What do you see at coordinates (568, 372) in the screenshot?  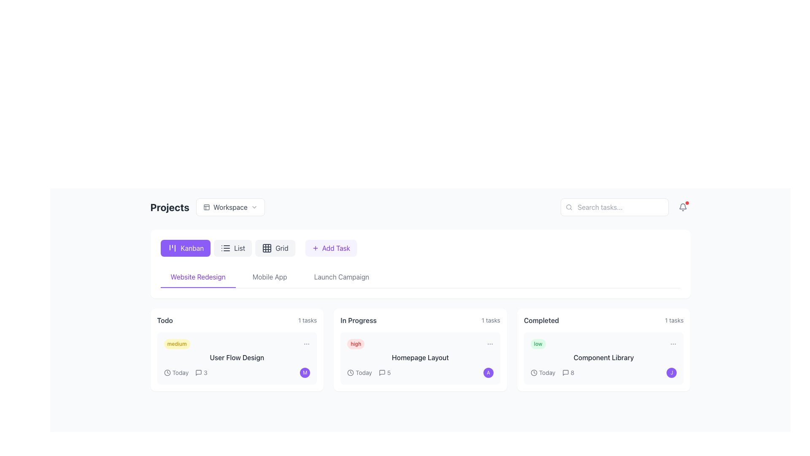 I see `the numerical indicator '8' displayed in light gray color, positioned next to the speech-bubble-shaped icon in the 'Completed' content card under the task title 'Component Library'` at bounding box center [568, 372].